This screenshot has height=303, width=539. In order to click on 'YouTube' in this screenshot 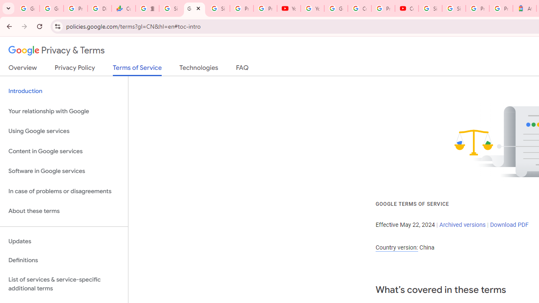, I will do `click(312, 8)`.